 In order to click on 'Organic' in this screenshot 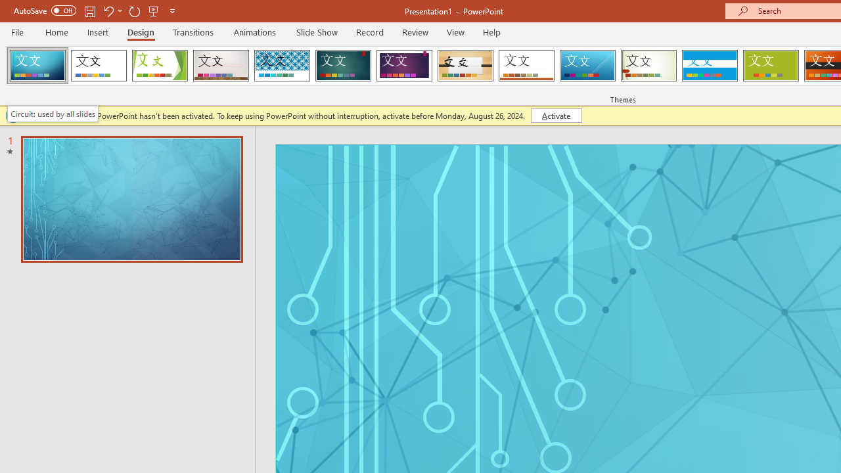, I will do `click(465, 66)`.